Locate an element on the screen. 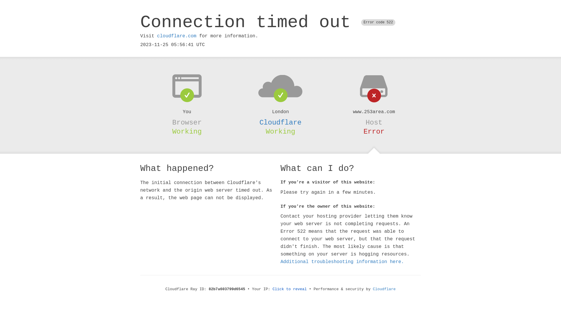  'Additional troubleshooting information here.' is located at coordinates (342, 262).